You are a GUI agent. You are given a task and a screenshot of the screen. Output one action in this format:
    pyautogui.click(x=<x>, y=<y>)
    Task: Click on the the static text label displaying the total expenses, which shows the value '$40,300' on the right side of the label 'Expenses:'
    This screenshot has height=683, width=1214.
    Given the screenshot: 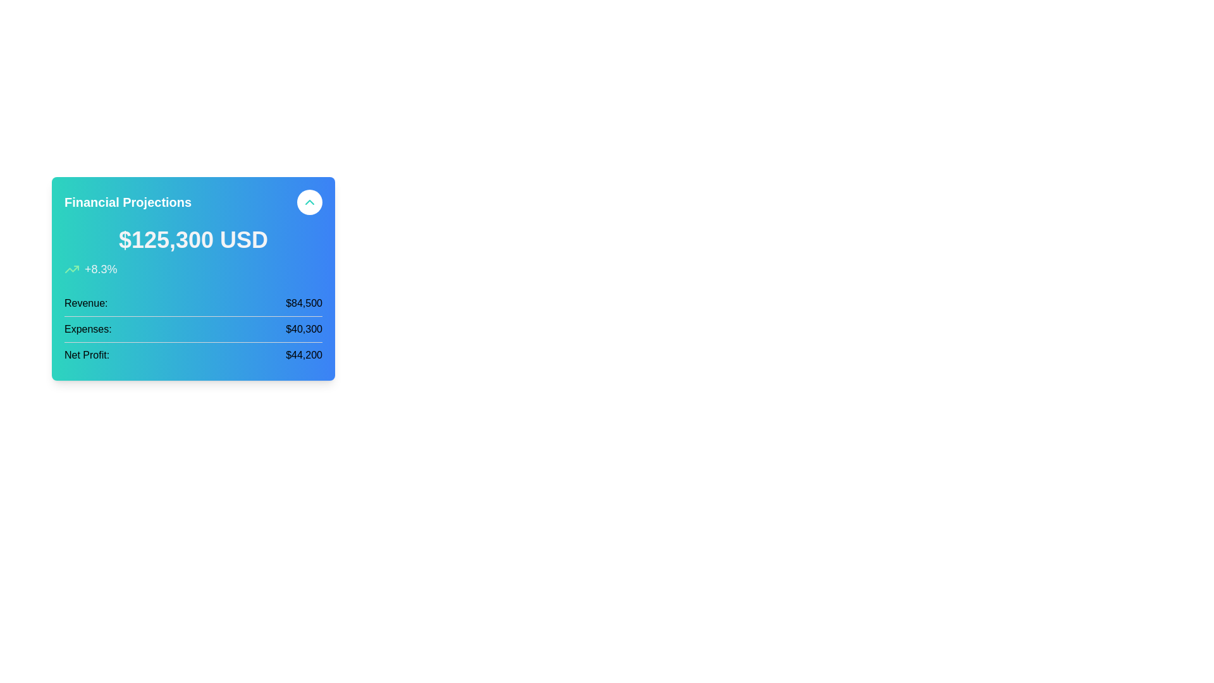 What is the action you would take?
    pyautogui.click(x=304, y=328)
    